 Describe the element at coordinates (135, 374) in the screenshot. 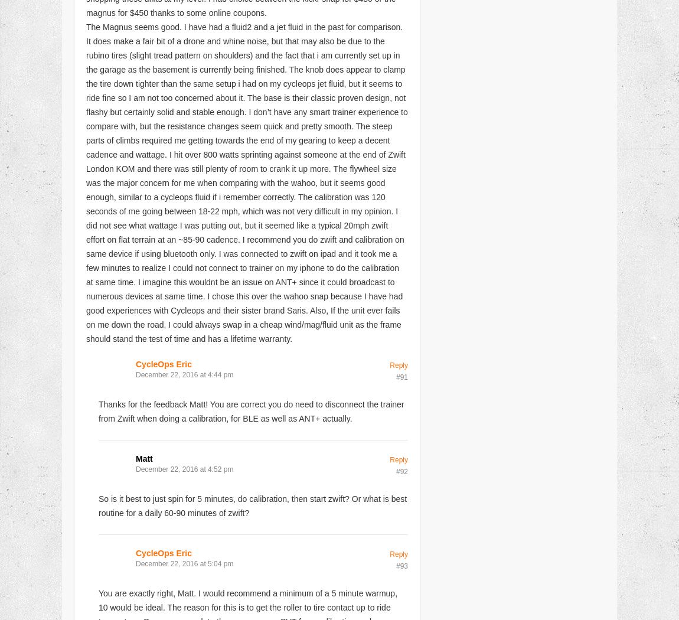

I see `'December 22, 2016 at 4:44 pm'` at that location.